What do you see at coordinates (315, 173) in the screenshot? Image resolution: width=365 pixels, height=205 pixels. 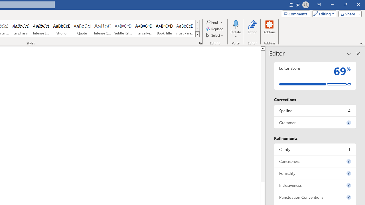 I see `'Formality, 0 issues. Press space or enter to review items.'` at bounding box center [315, 173].